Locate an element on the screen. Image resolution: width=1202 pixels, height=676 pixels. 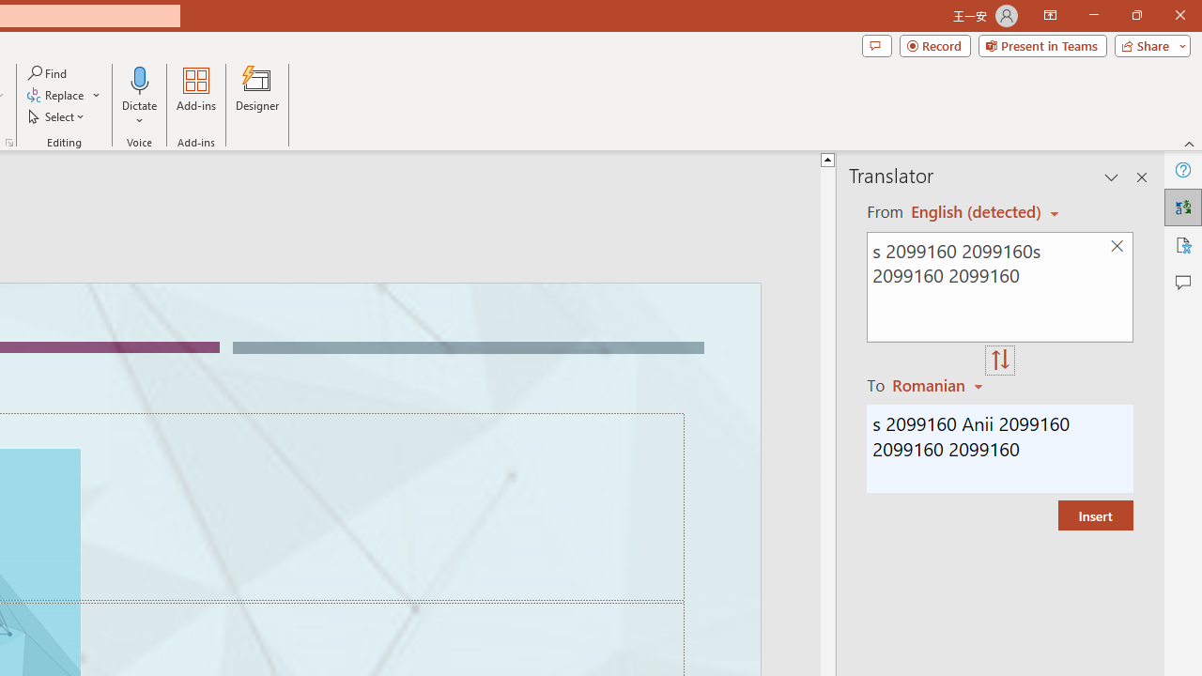
'Dictate' is located at coordinates (139, 79).